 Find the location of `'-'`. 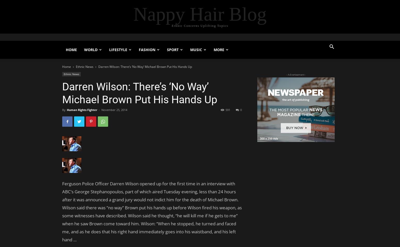

'-' is located at coordinates (99, 109).